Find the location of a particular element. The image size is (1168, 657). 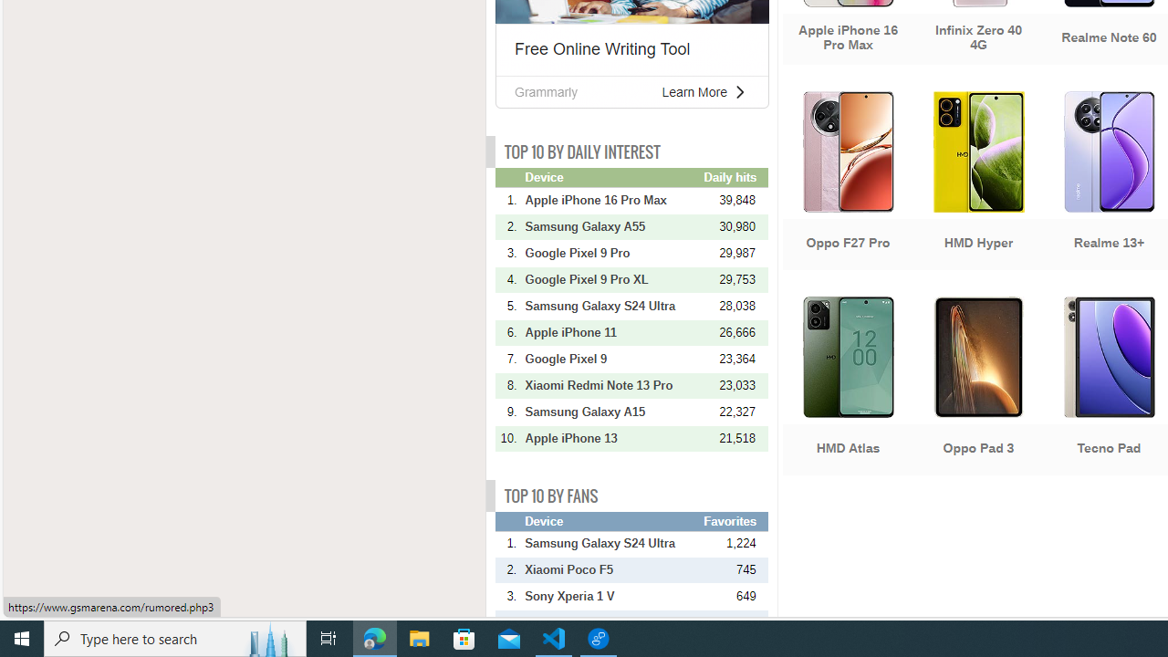

'Samsung Galaxy S24 Ultra' is located at coordinates (612, 542).